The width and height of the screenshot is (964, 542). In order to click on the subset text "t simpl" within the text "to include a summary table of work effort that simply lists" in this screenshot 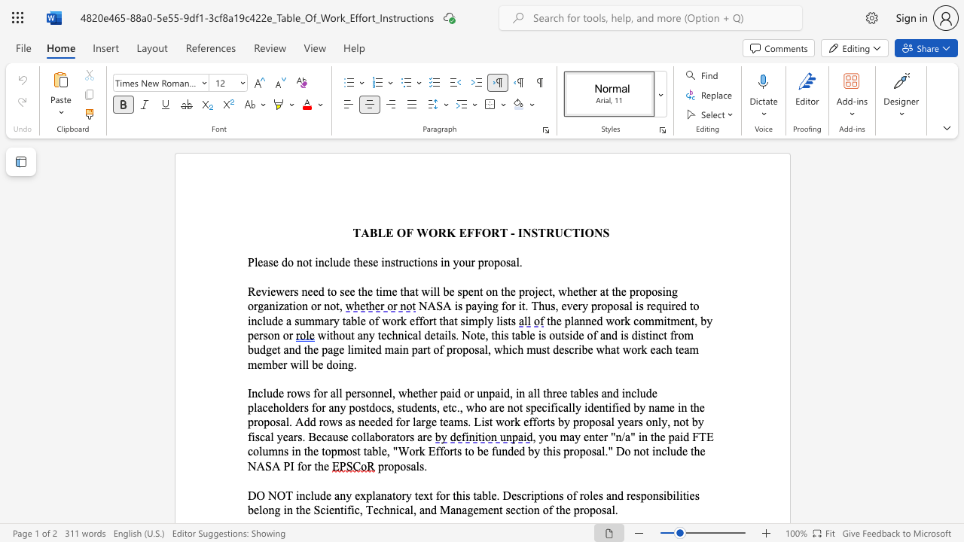, I will do `click(453, 320)`.